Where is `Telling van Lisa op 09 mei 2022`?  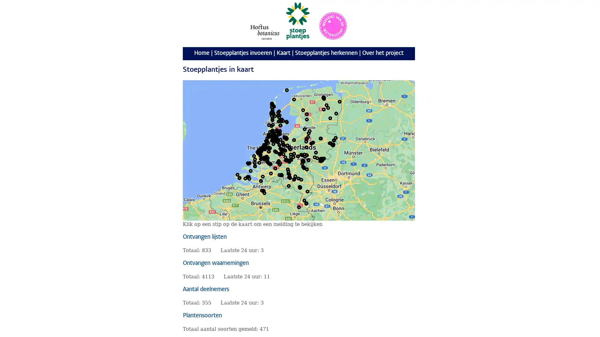
Telling van Lisa op 09 mei 2022 is located at coordinates (298, 207).